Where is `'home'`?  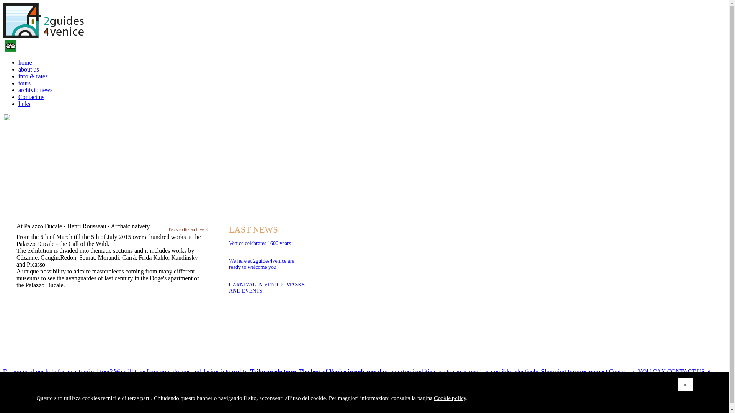 'home' is located at coordinates (18, 62).